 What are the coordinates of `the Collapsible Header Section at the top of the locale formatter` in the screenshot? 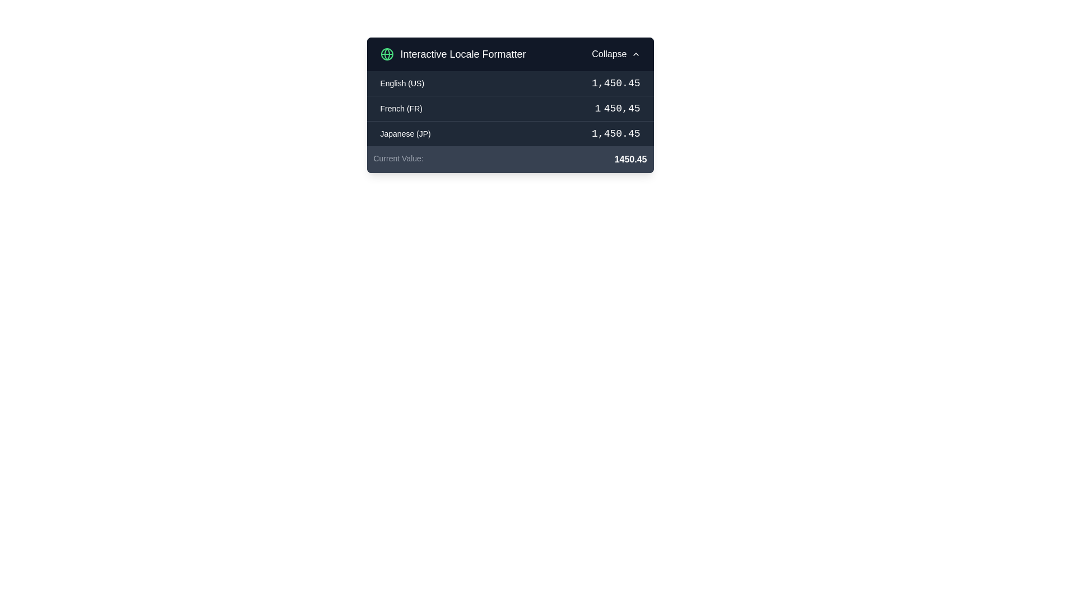 It's located at (509, 54).